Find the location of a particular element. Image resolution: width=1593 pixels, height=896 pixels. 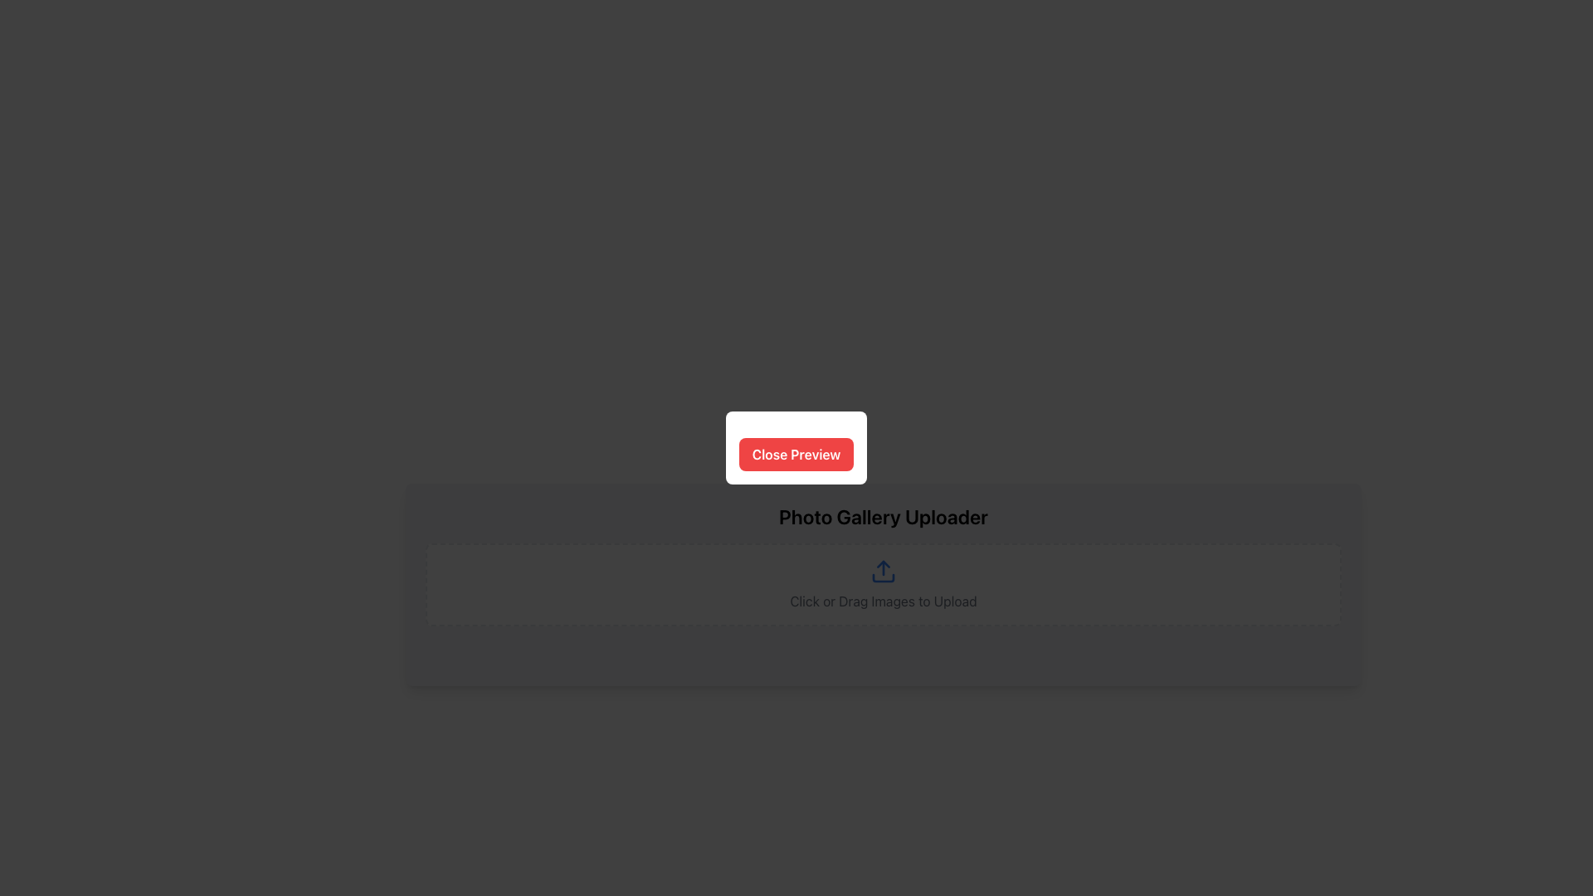

the upload icon located at the center of the upload area, which indicates where users can click or drag images to upload is located at coordinates (883, 571).